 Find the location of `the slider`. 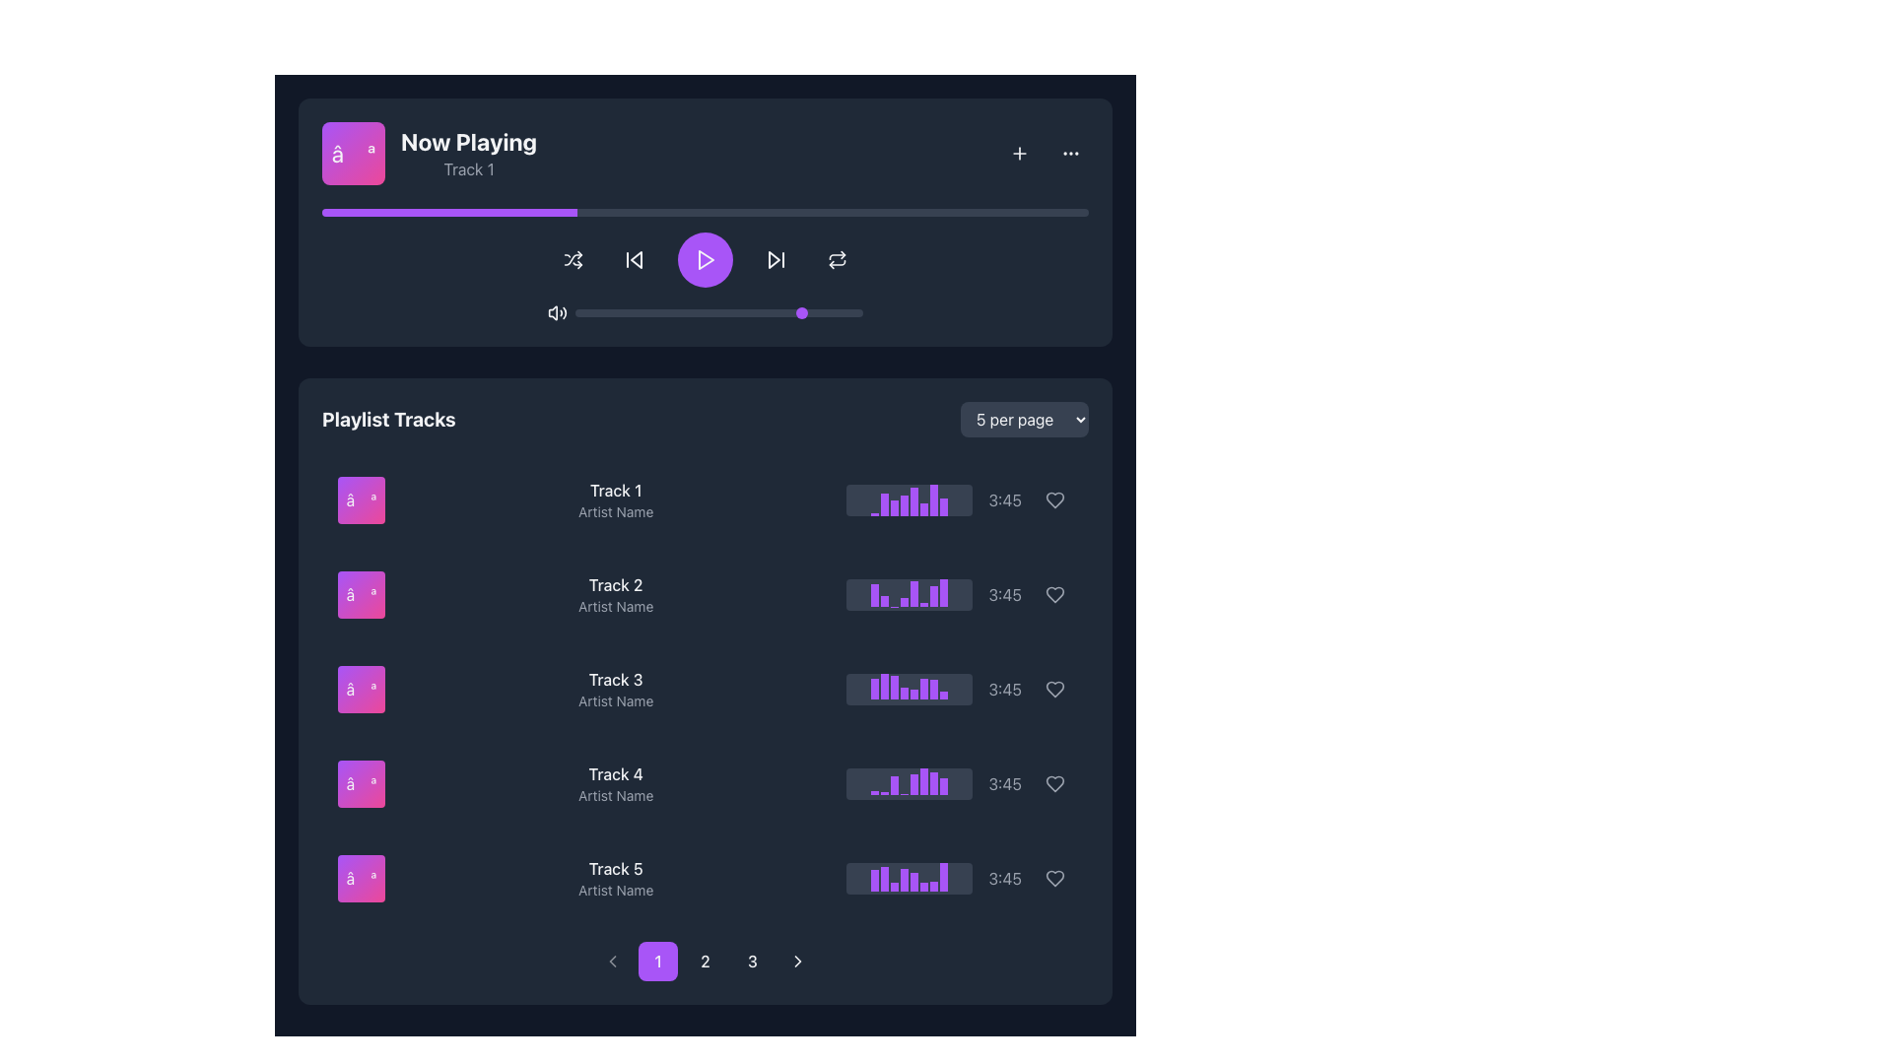

the slider is located at coordinates (597, 311).